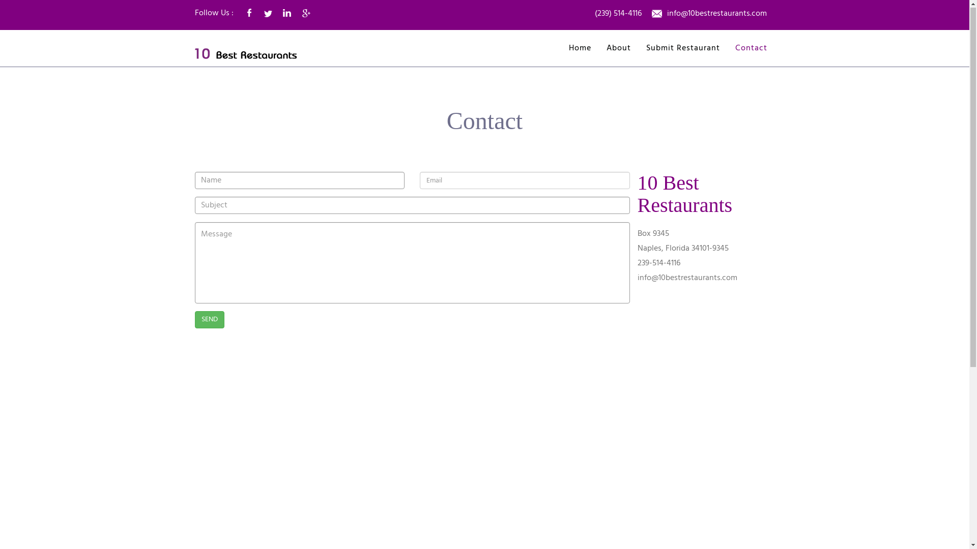 The height and width of the screenshot is (549, 977). What do you see at coordinates (580, 49) in the screenshot?
I see `'Home'` at bounding box center [580, 49].